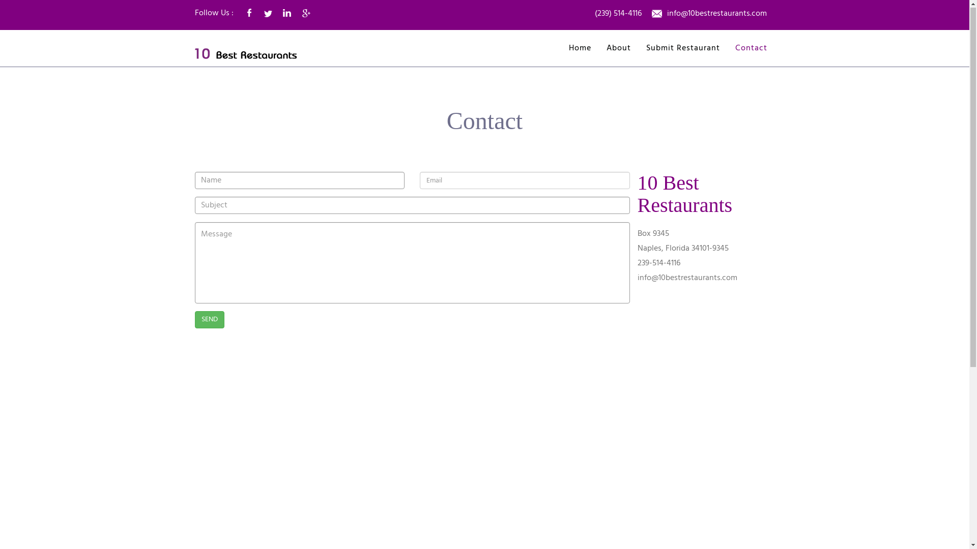 The height and width of the screenshot is (549, 977). What do you see at coordinates (580, 49) in the screenshot?
I see `'Home'` at bounding box center [580, 49].